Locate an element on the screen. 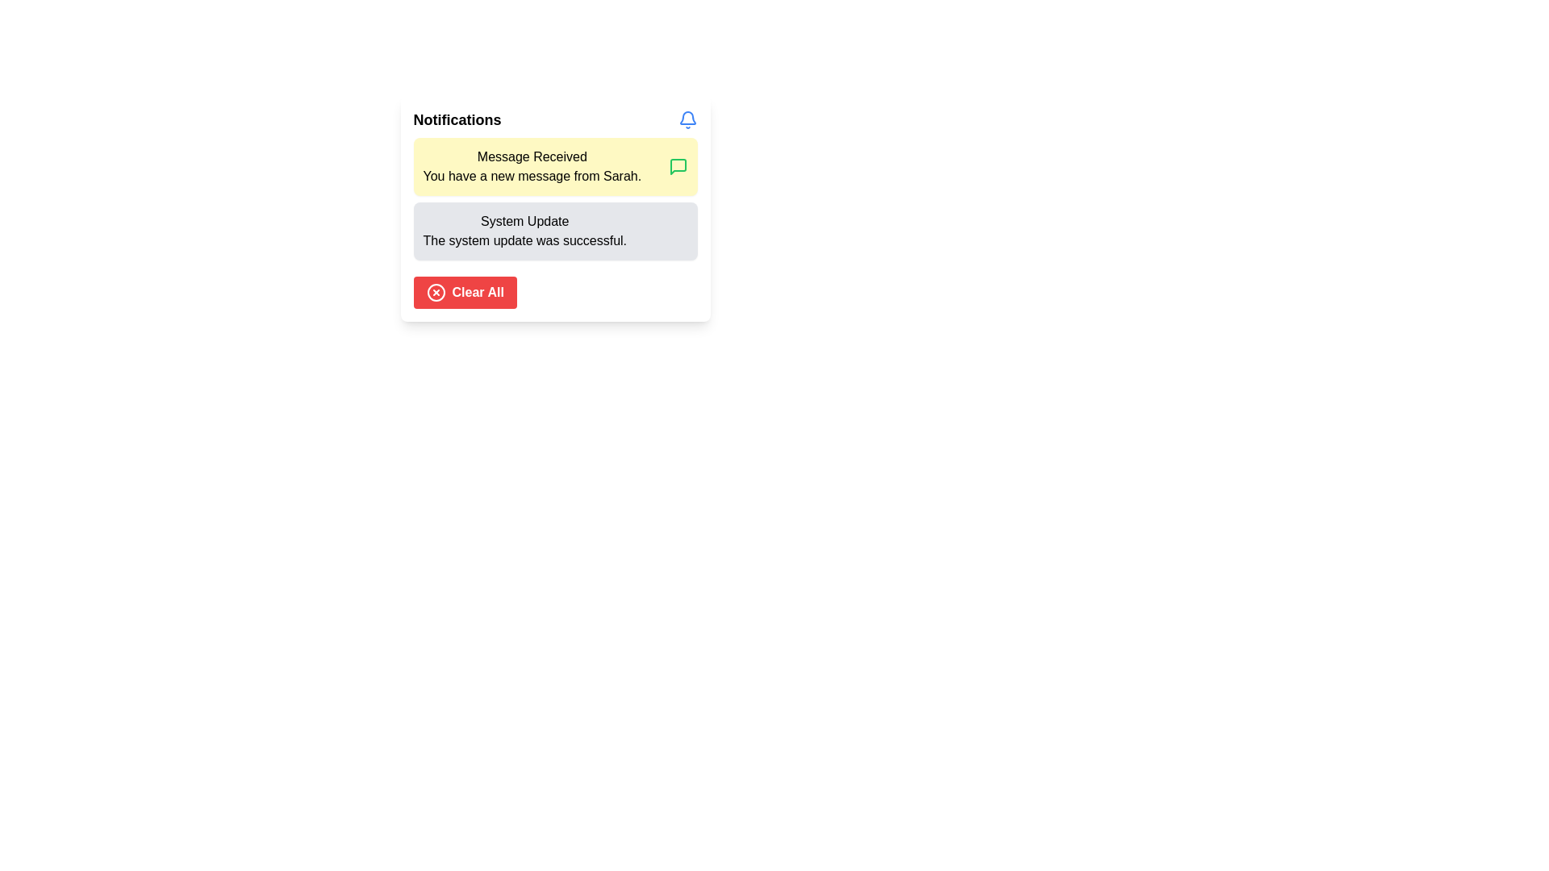 The image size is (1549, 871). the text label displaying 'You have a new message from Sarah.' which is centrally aligned within the yellow-highlighted notification card, located below the heading 'Message Received' is located at coordinates (532, 177).